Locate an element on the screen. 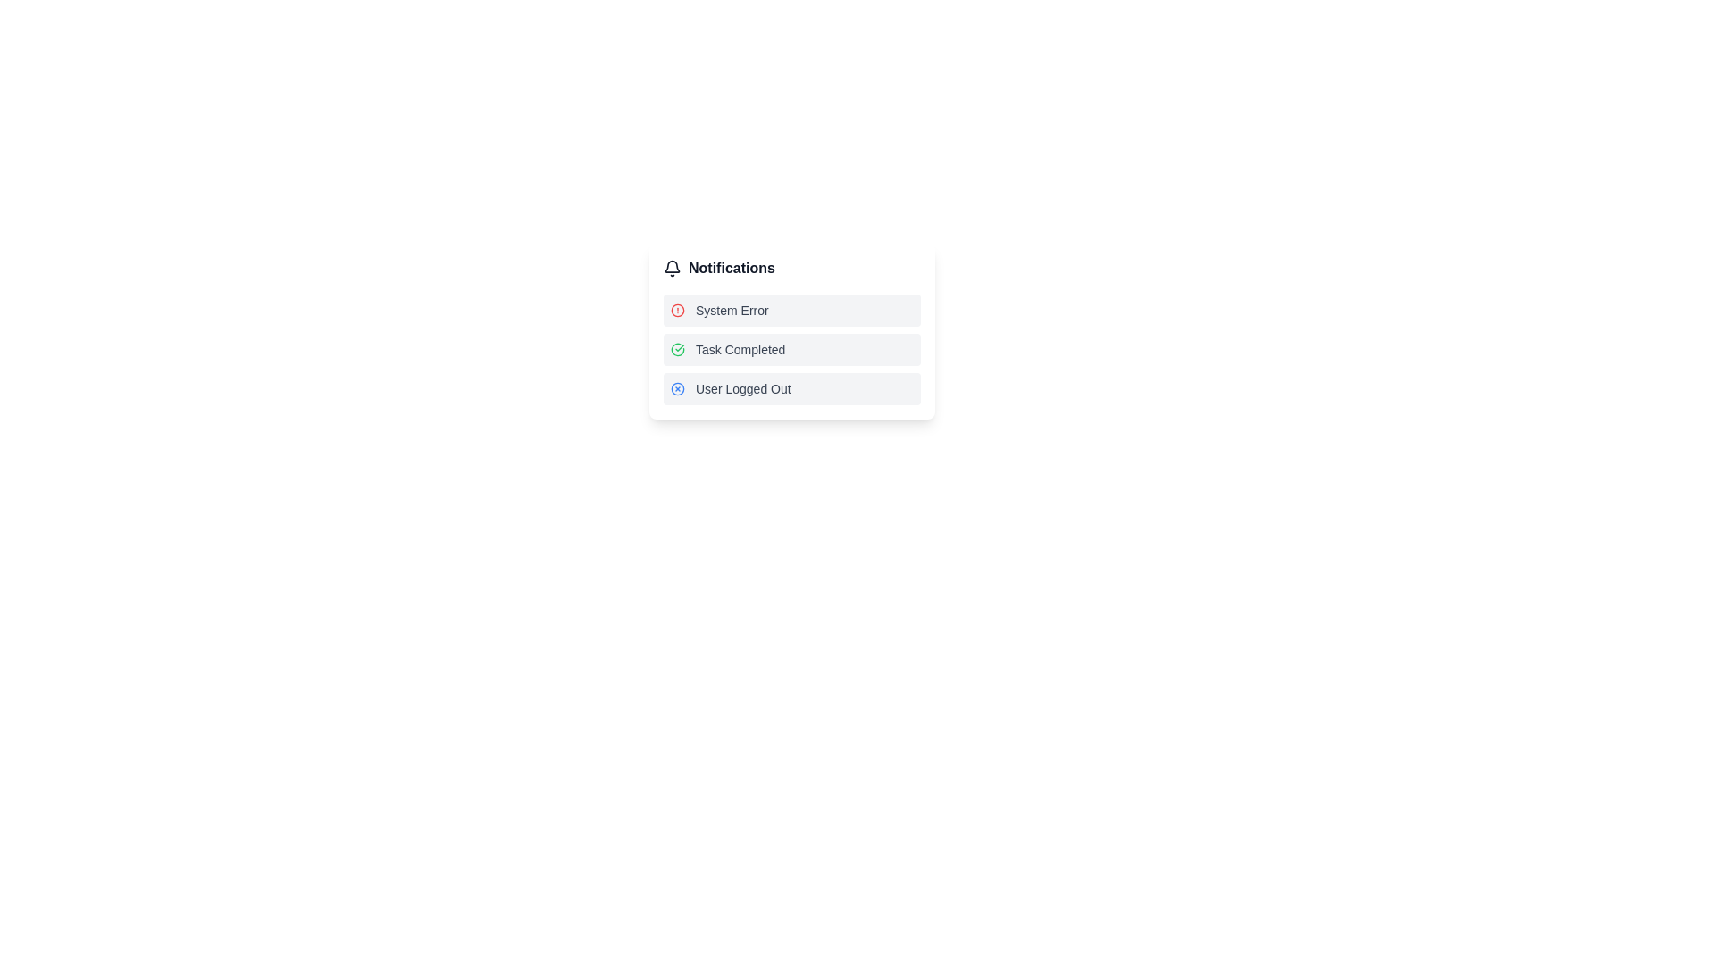 The width and height of the screenshot is (1715, 964). the Notification item labeled 'System Error', which is the first element in a vertical list within a white card, featuring a red circular alert icon and a subtle gray background is located at coordinates (791, 309).